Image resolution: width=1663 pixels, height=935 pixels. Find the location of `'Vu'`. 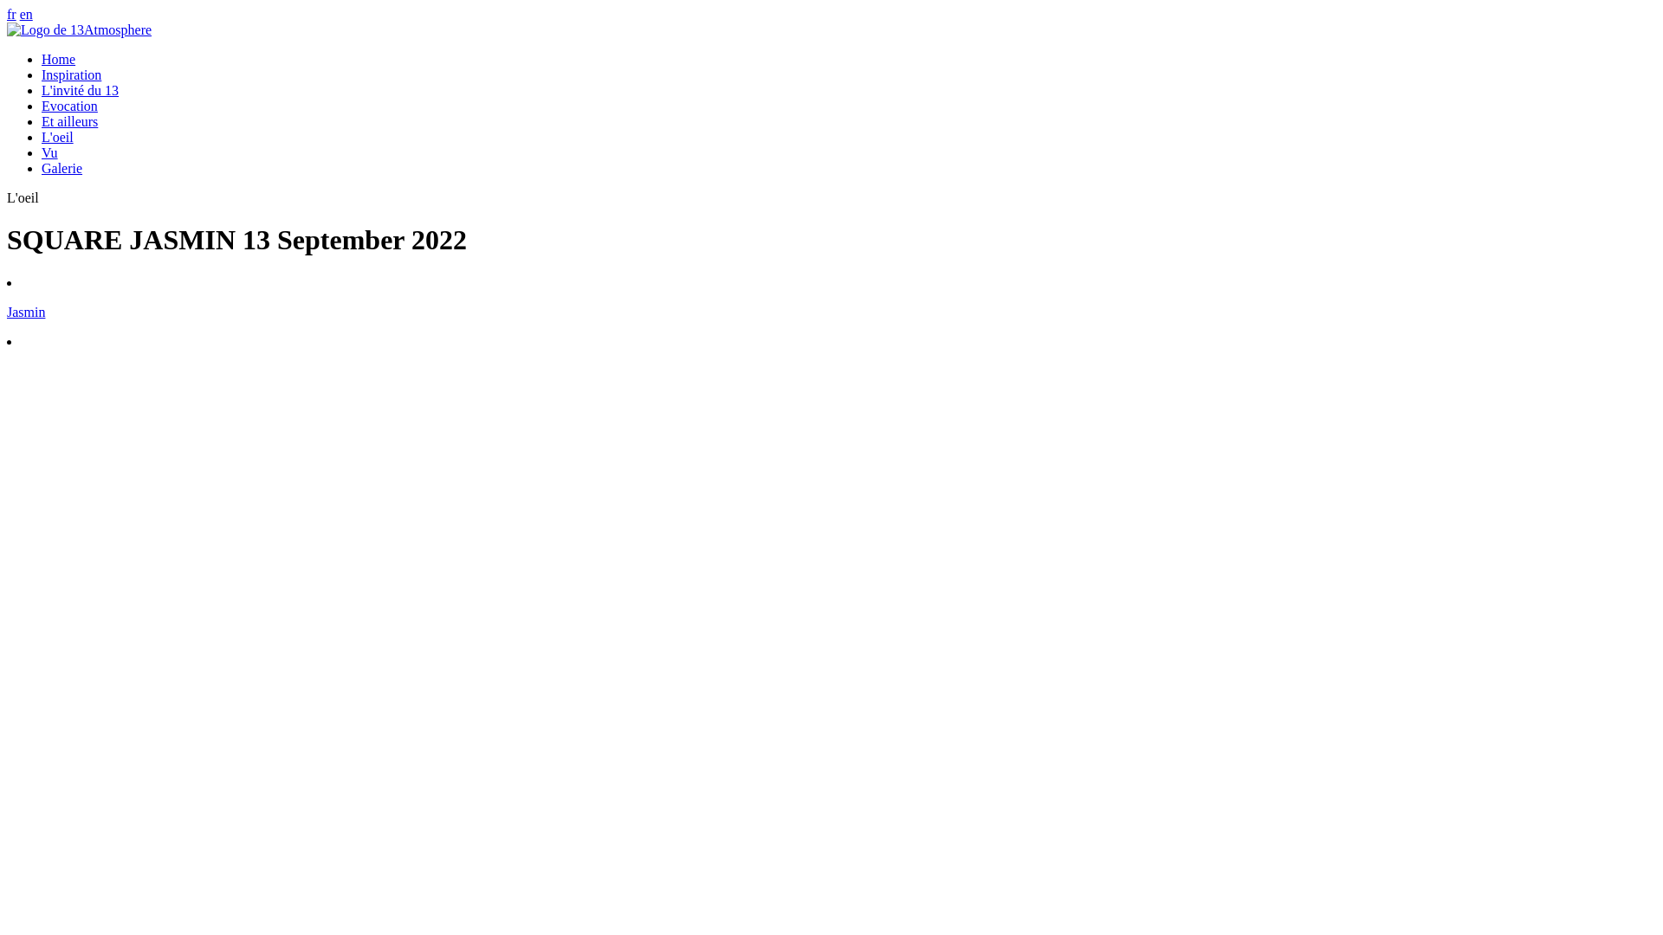

'Vu' is located at coordinates (49, 152).